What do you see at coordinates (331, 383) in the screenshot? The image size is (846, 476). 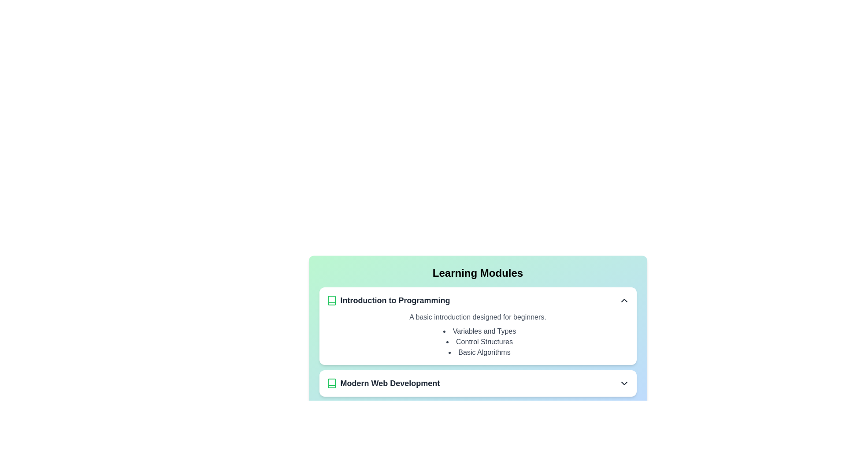 I see `the open book icon within the 'Modern Web Development' card, which is styled with a square outline and gradient fill` at bounding box center [331, 383].